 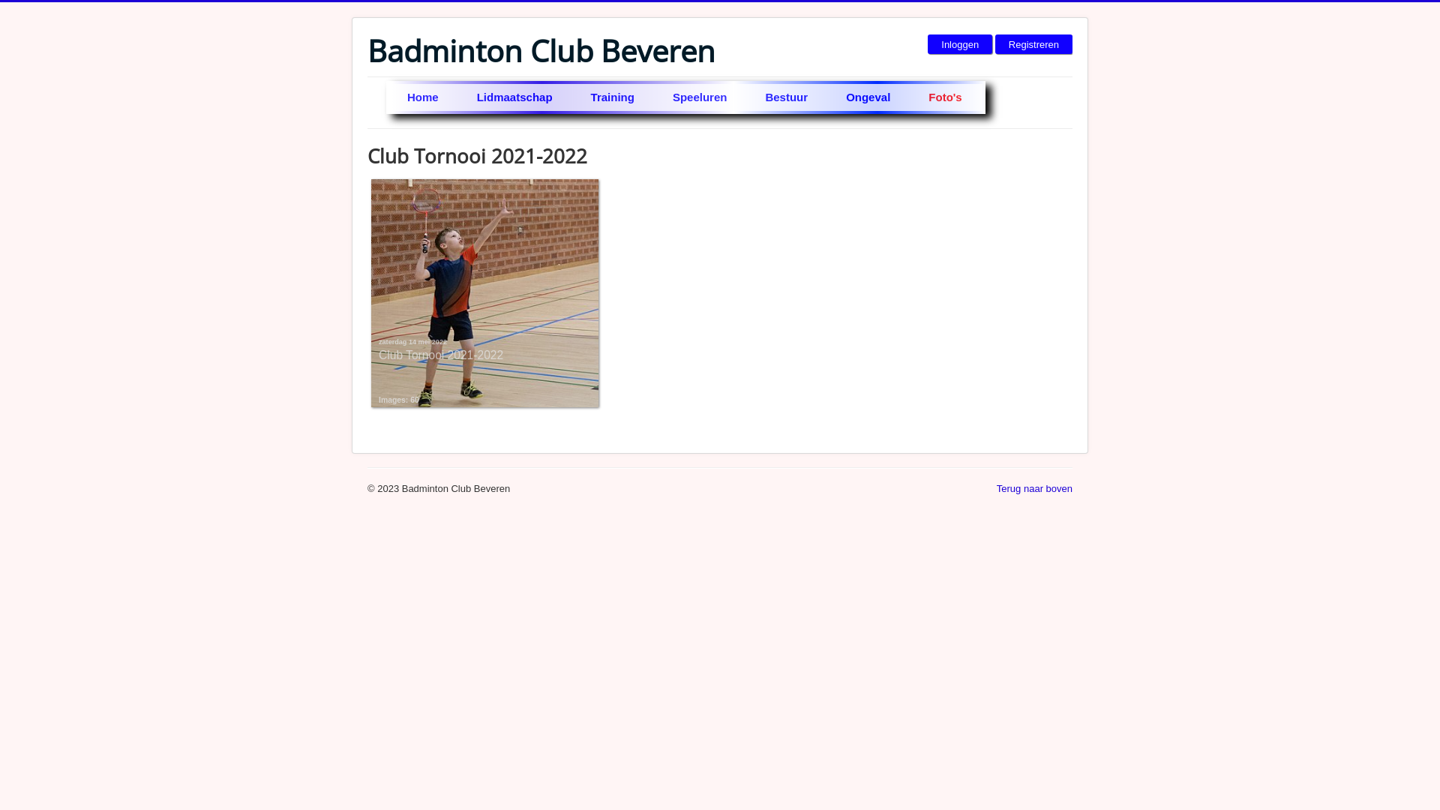 What do you see at coordinates (1033, 488) in the screenshot?
I see `'Terug naar boven'` at bounding box center [1033, 488].